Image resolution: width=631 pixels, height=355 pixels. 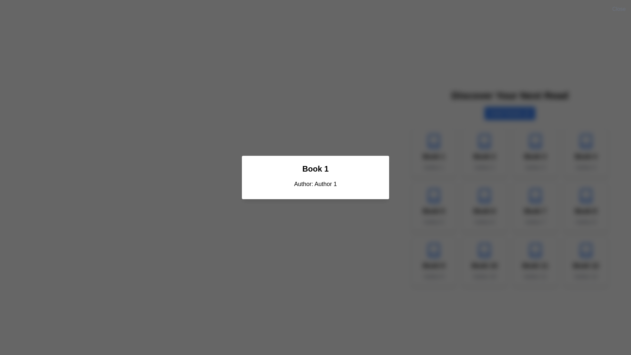 What do you see at coordinates (527, 113) in the screenshot?
I see `the message square or chat bubble icon` at bounding box center [527, 113].